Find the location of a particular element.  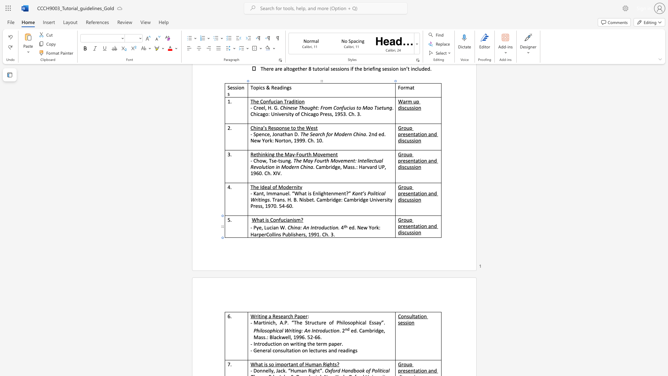

the 3th character "o" in the text is located at coordinates (351, 322).